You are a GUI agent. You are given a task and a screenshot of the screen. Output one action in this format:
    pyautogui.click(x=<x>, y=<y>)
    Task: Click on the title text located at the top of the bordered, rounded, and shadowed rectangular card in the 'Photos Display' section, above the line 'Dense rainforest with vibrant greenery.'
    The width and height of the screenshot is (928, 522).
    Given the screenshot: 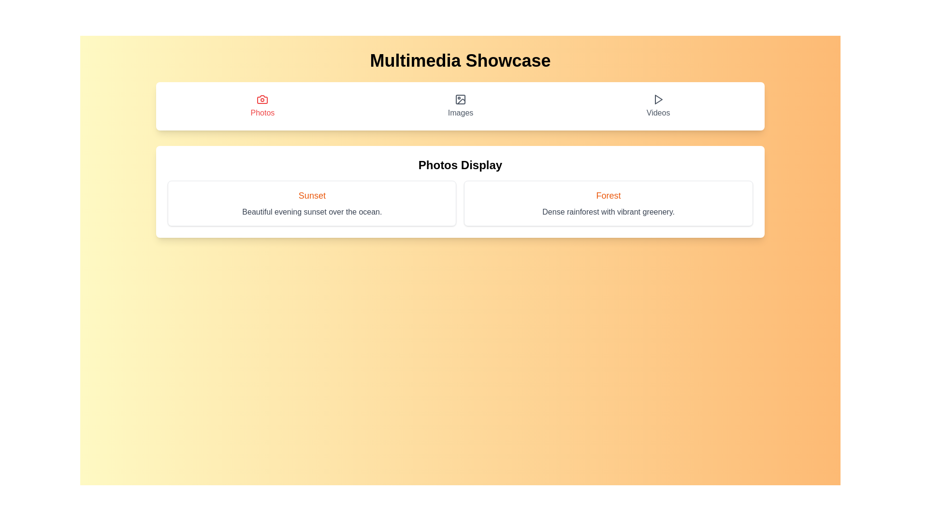 What is the action you would take?
    pyautogui.click(x=608, y=196)
    